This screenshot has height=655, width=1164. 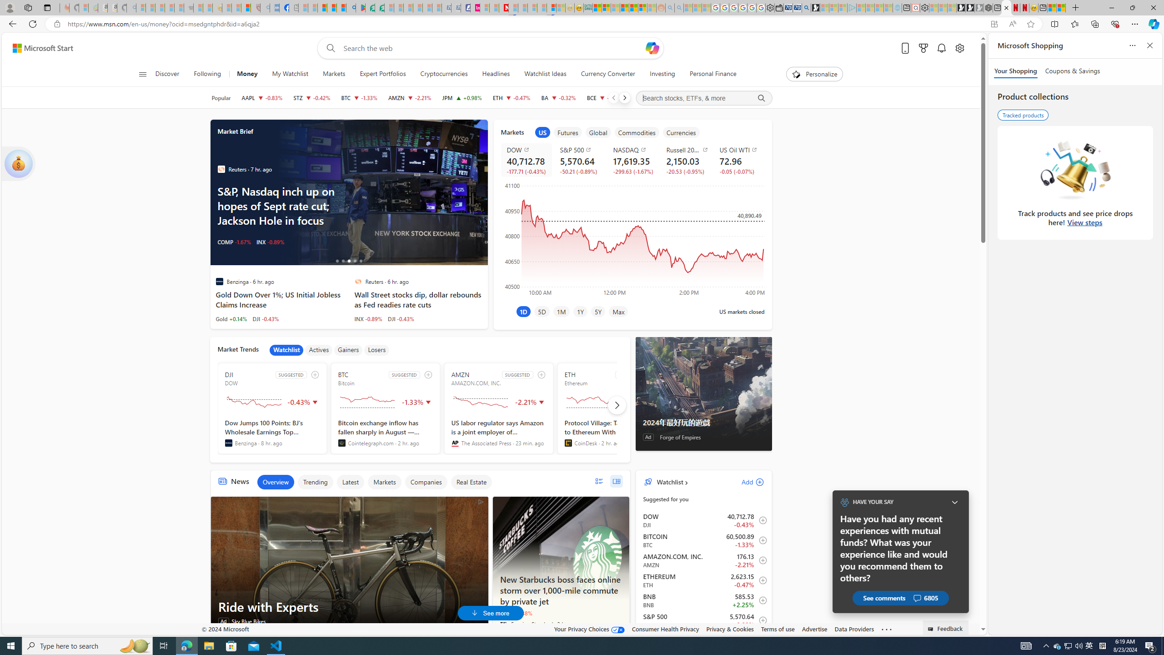 What do you see at coordinates (425, 481) in the screenshot?
I see `'Companies'` at bounding box center [425, 481].